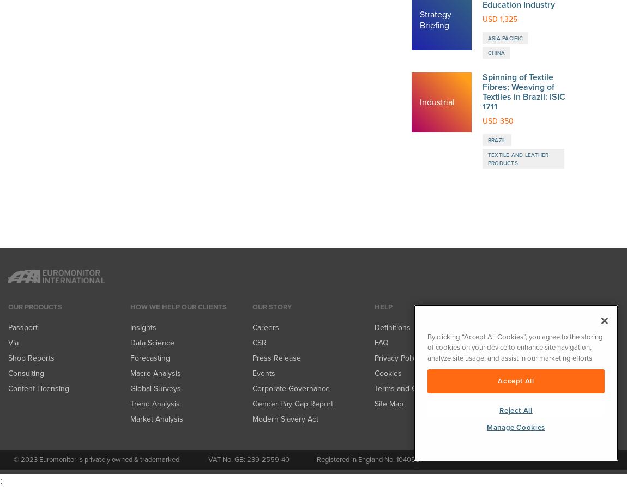 Image resolution: width=627 pixels, height=487 pixels. Describe the element at coordinates (388, 49) in the screenshot. I see `'Site Map'` at that location.